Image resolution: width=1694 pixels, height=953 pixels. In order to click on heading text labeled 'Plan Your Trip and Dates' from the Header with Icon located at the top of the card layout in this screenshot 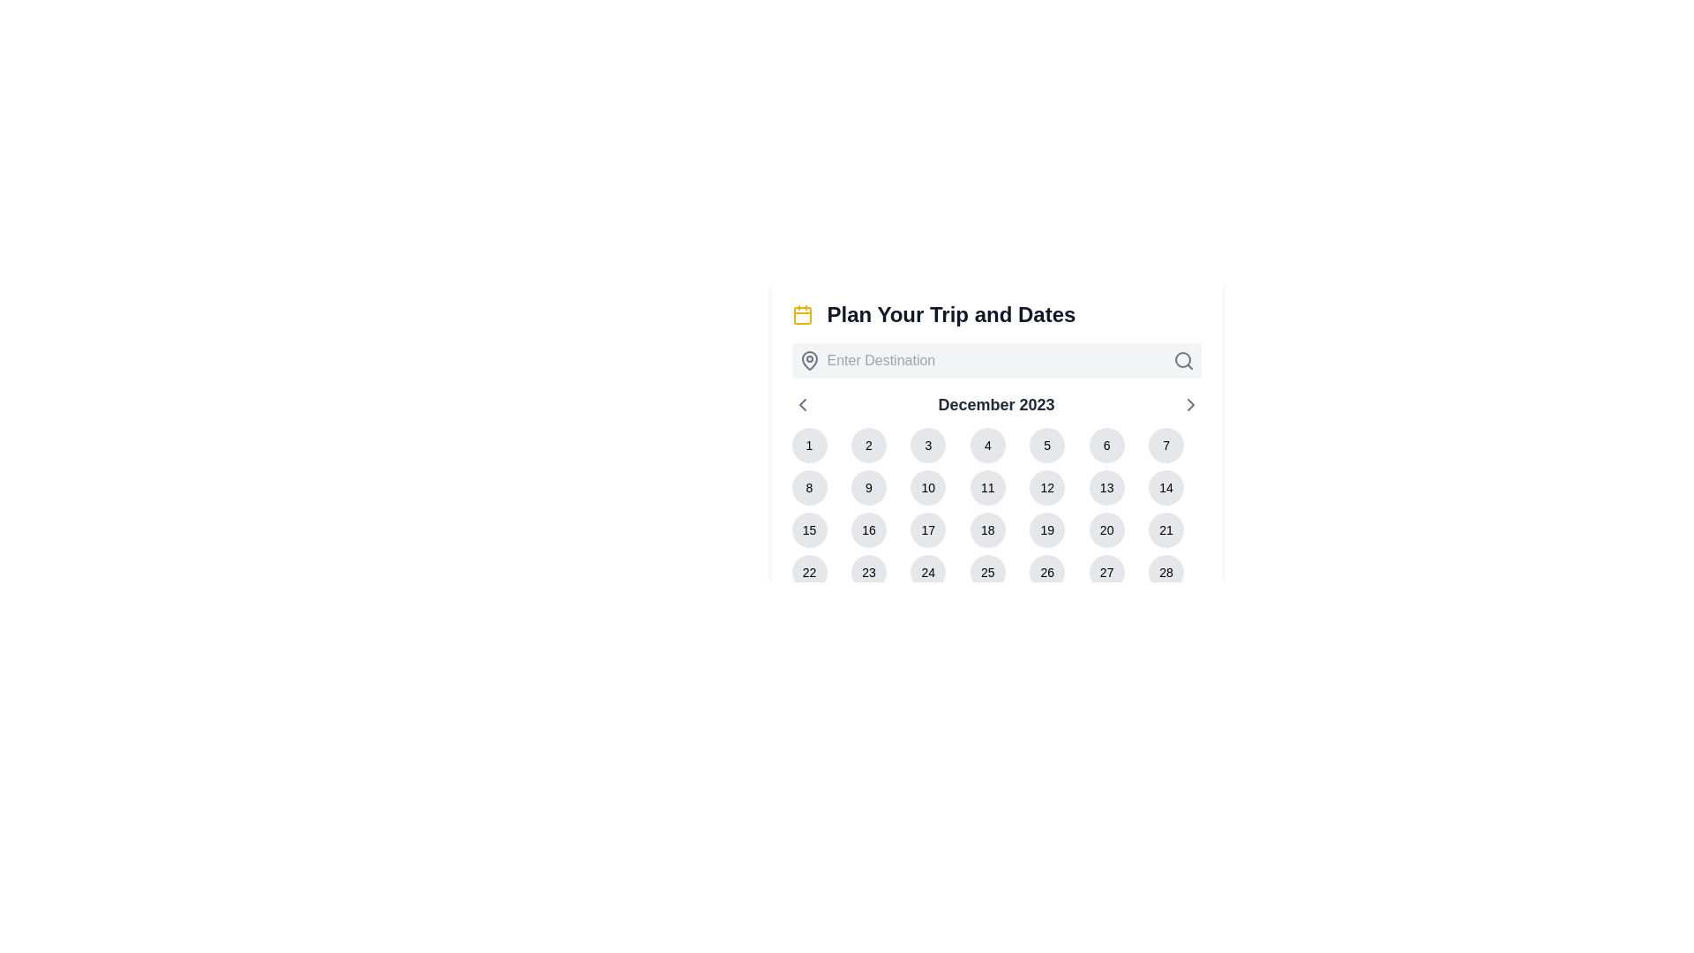, I will do `click(996, 314)`.